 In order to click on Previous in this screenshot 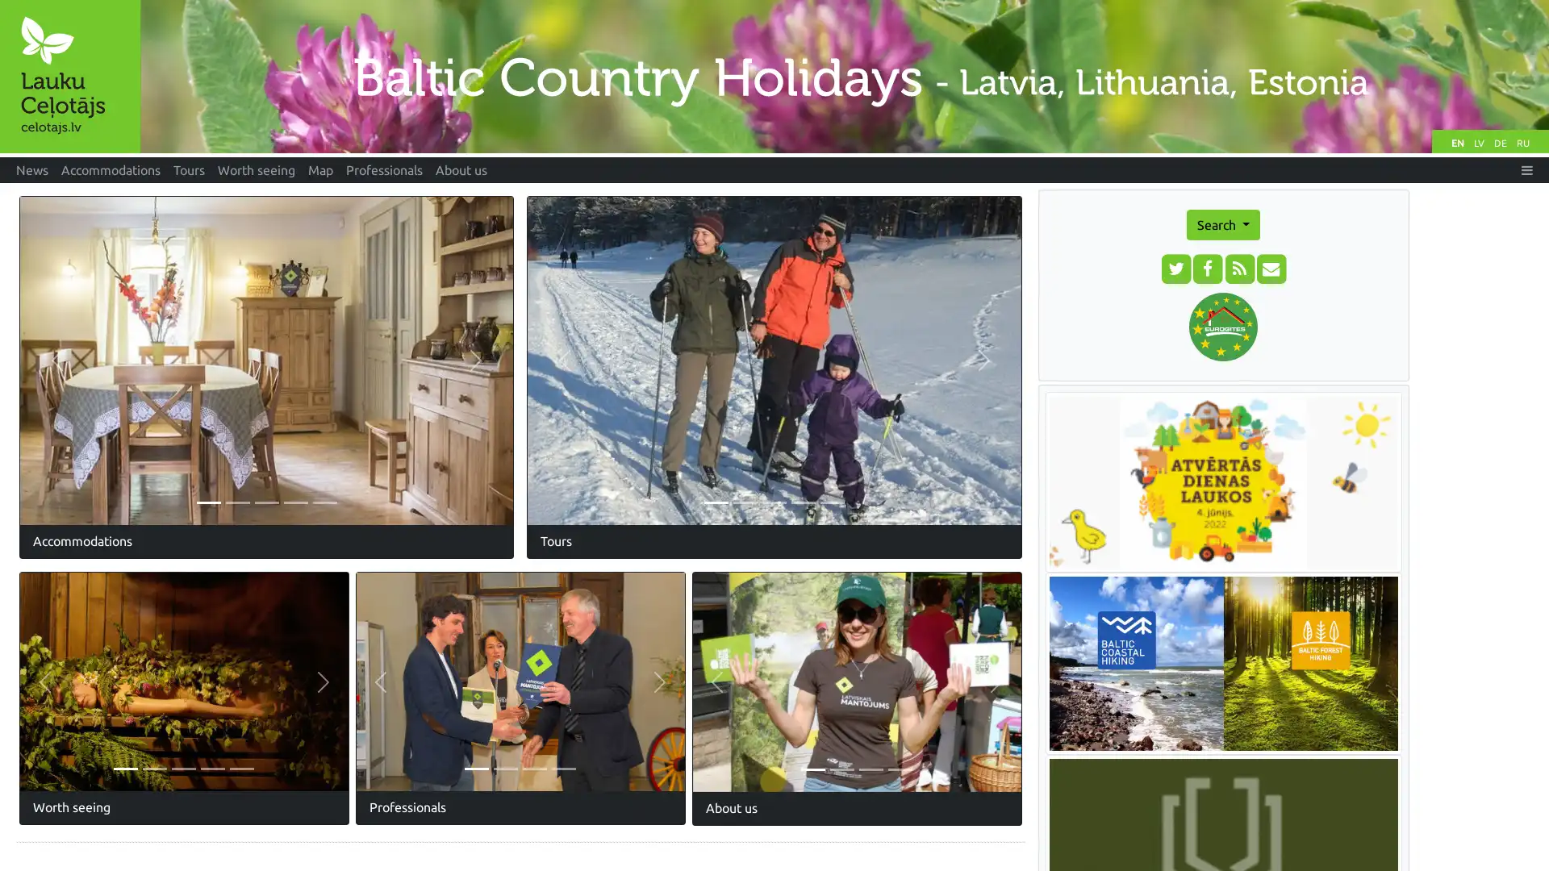, I will do `click(44, 681)`.